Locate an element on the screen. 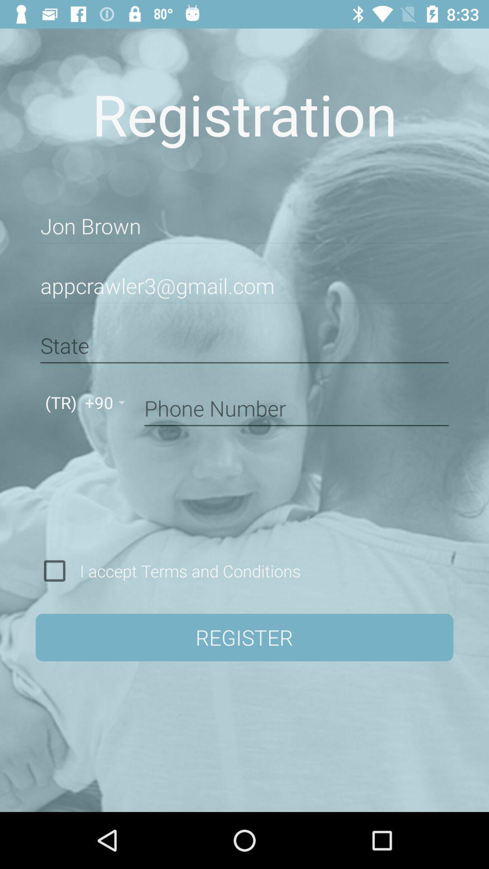 This screenshot has width=489, height=869. the appcrawler3@gmail.com item is located at coordinates (244, 286).